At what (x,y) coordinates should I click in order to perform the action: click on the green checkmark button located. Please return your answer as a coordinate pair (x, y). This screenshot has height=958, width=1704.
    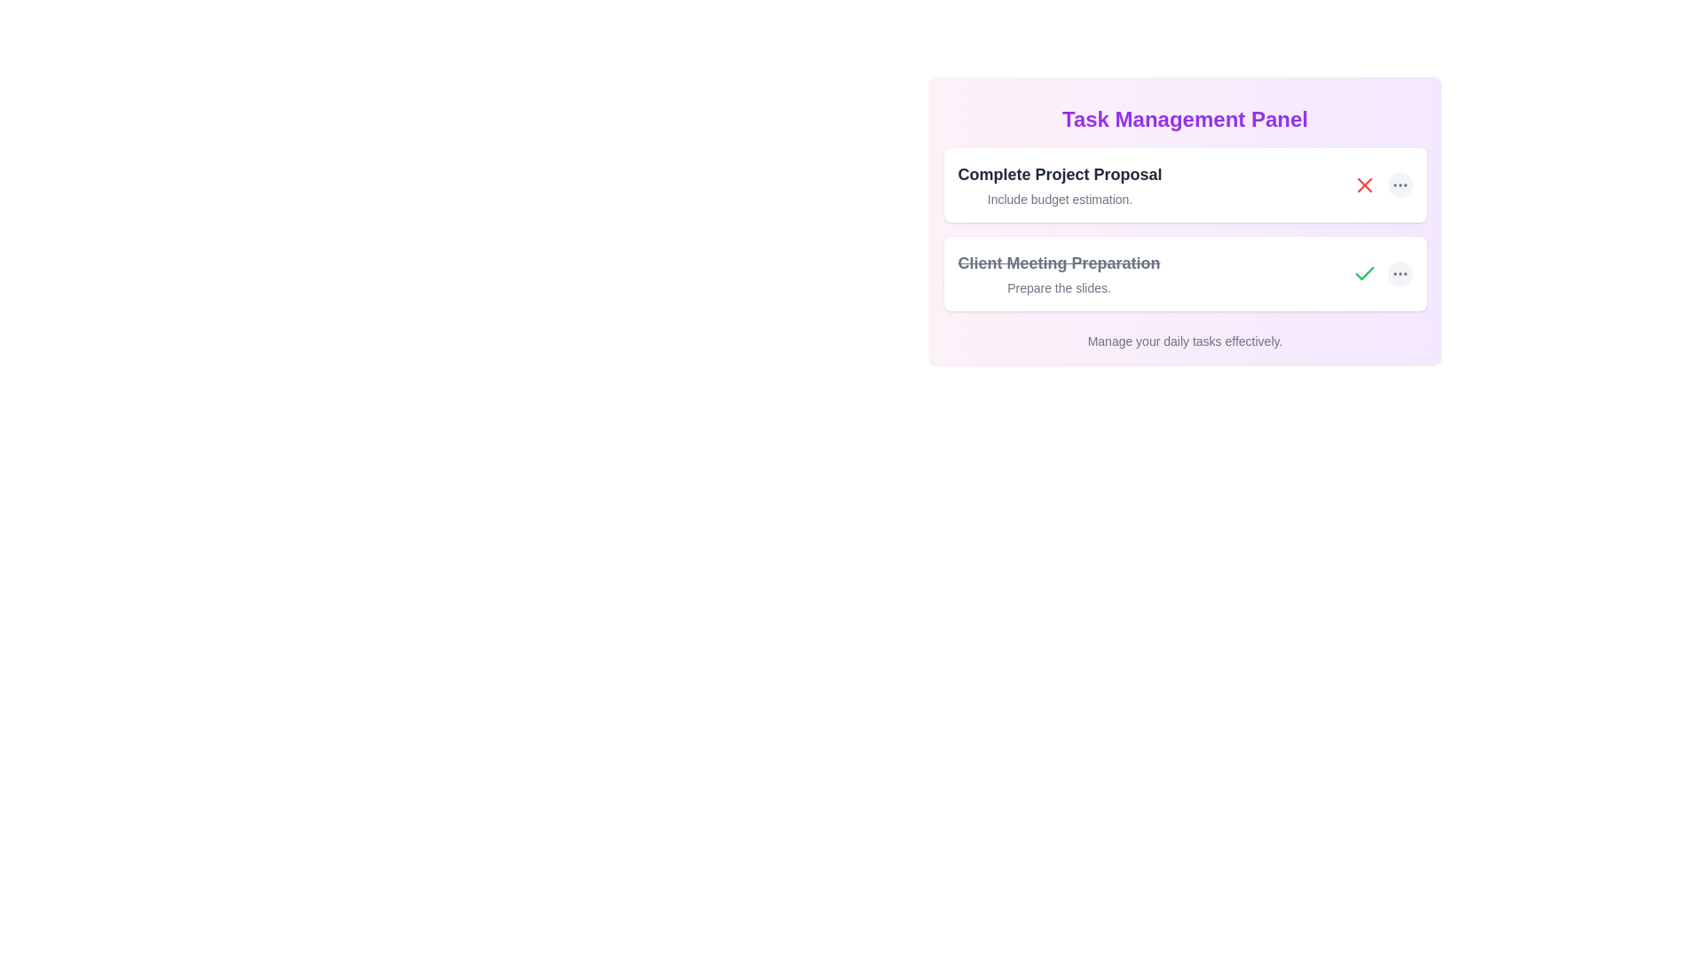
    Looking at the image, I should click on (1363, 273).